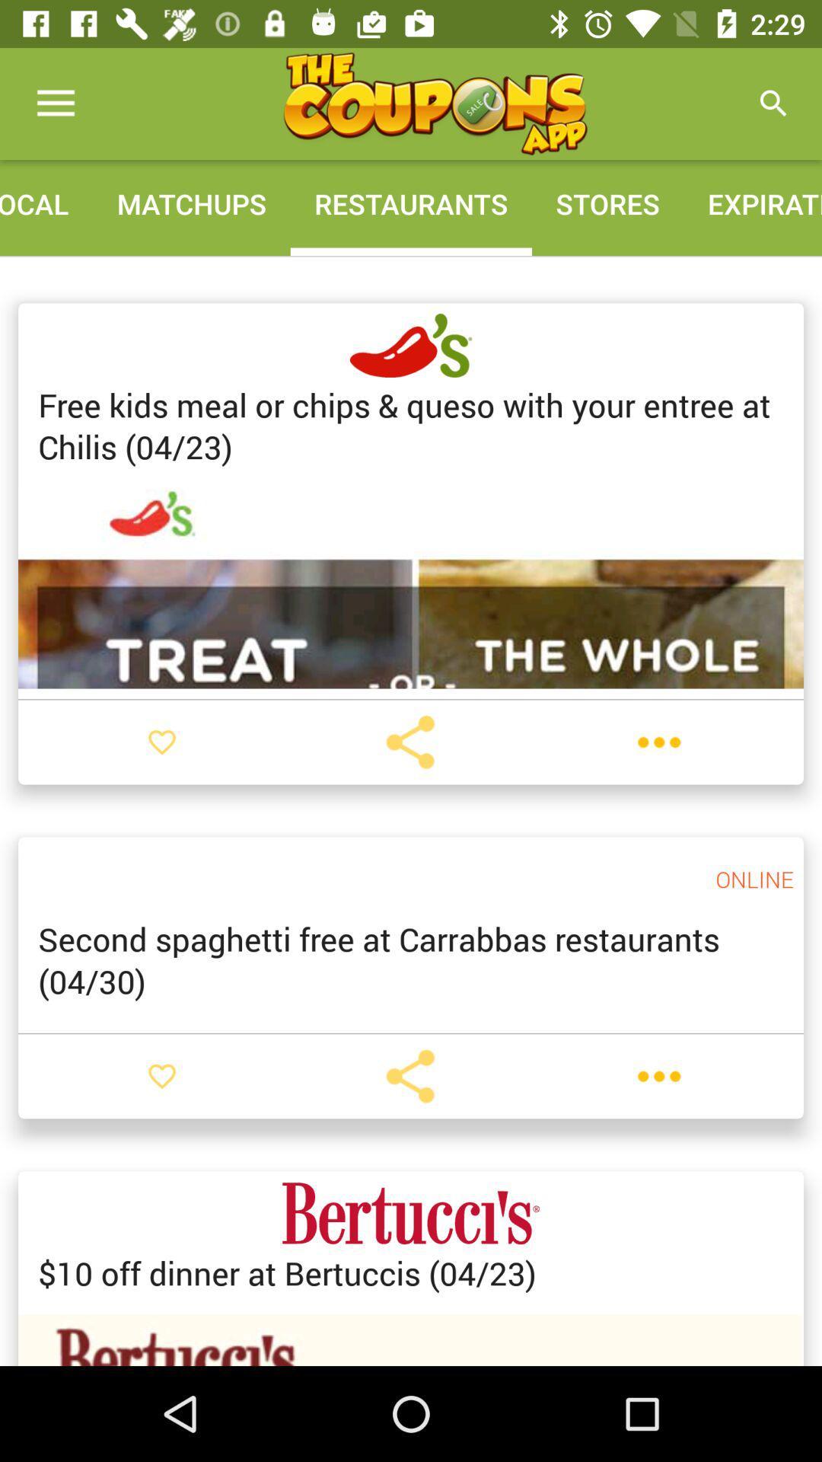  What do you see at coordinates (190, 203) in the screenshot?
I see `icon to the right of the local` at bounding box center [190, 203].